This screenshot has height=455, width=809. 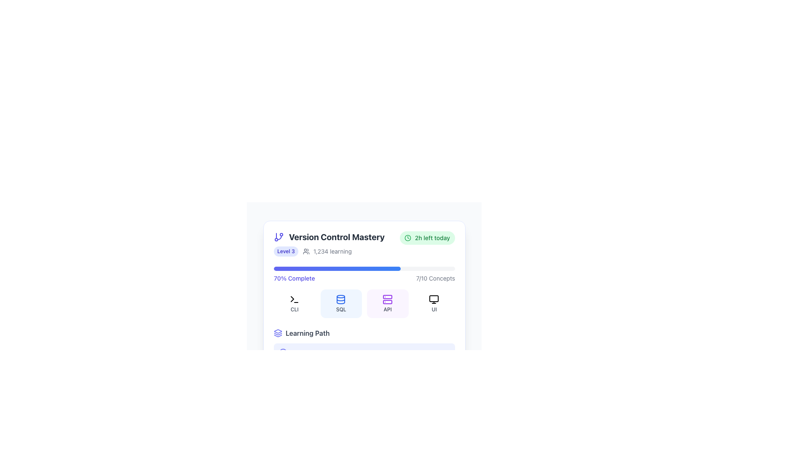 I want to click on the non-interactive label displaying 'SQL', which features a blue database icon and is located between the 'CLI' and 'API' elements in a grid layout, so click(x=341, y=304).